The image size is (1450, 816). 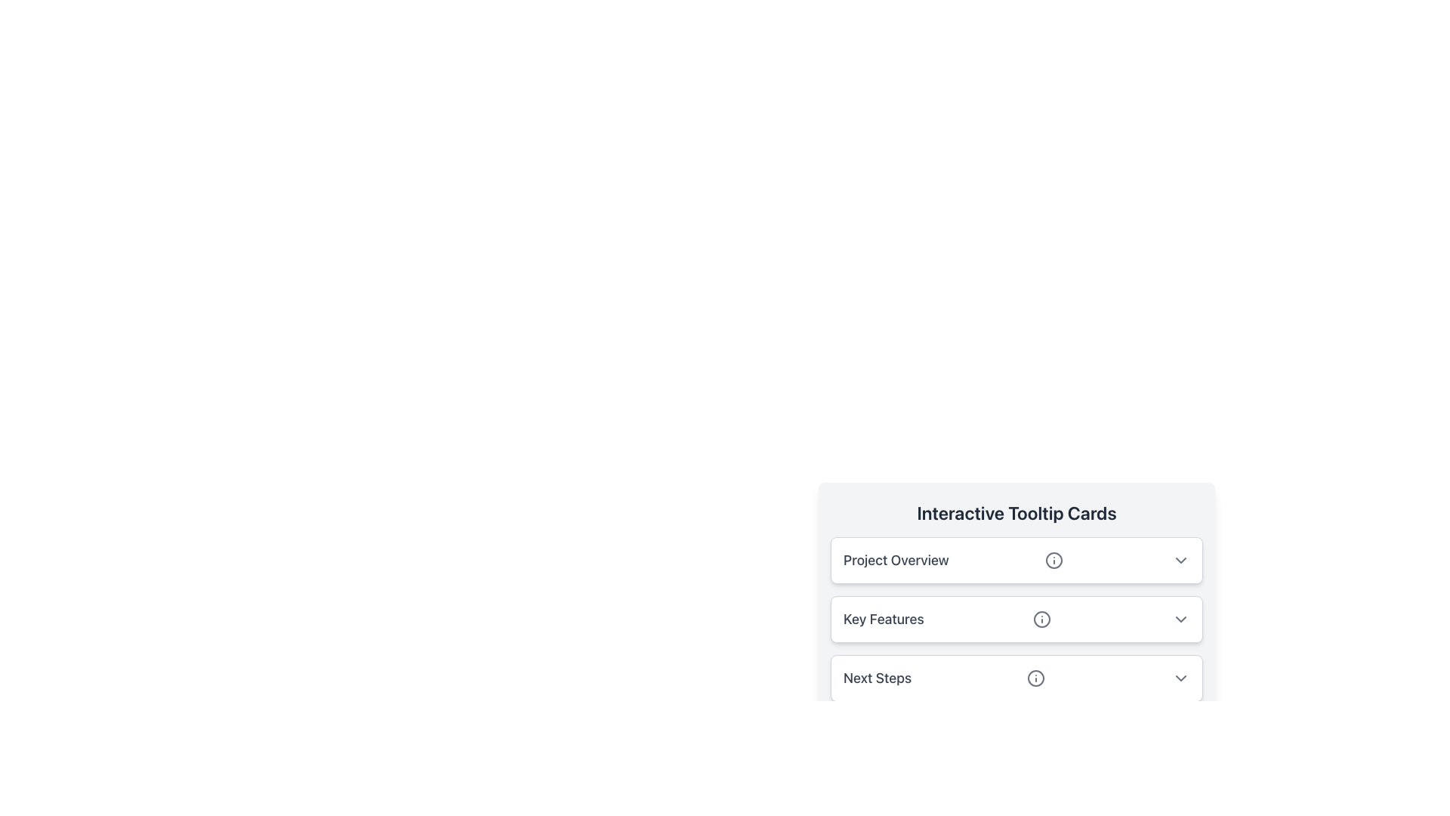 I want to click on the chevron button at the far right of the 'Project Overview' row, so click(x=1180, y=560).